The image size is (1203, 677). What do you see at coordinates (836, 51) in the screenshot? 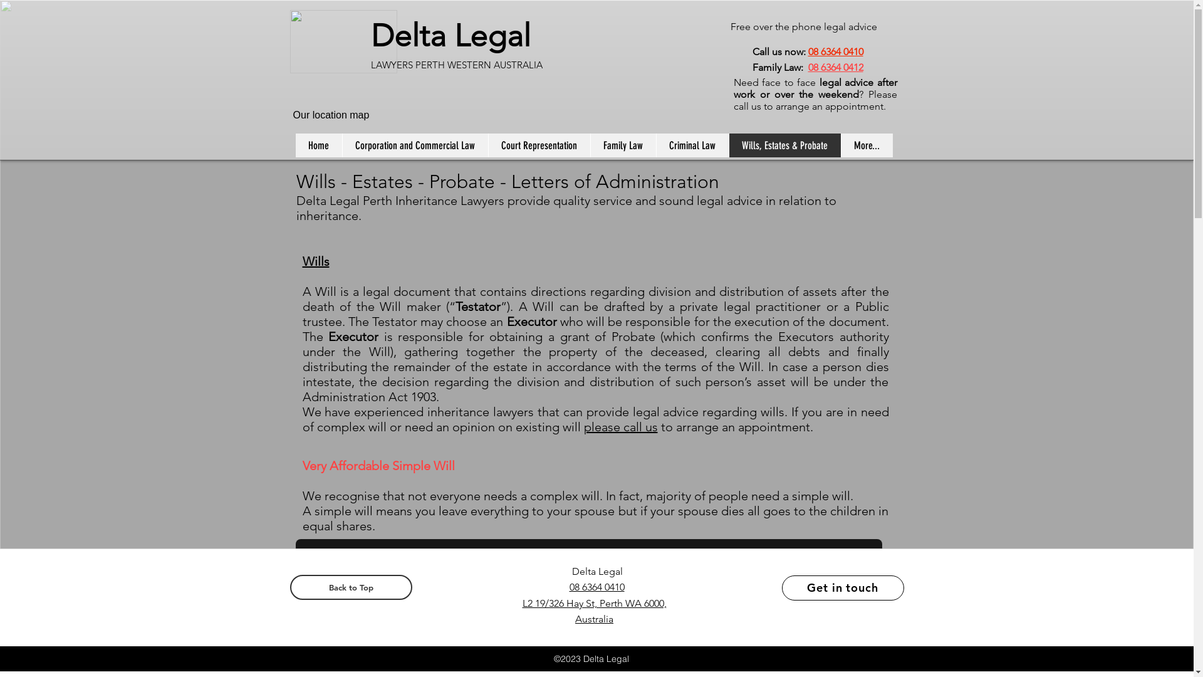
I see `'08 6364 0410'` at bounding box center [836, 51].